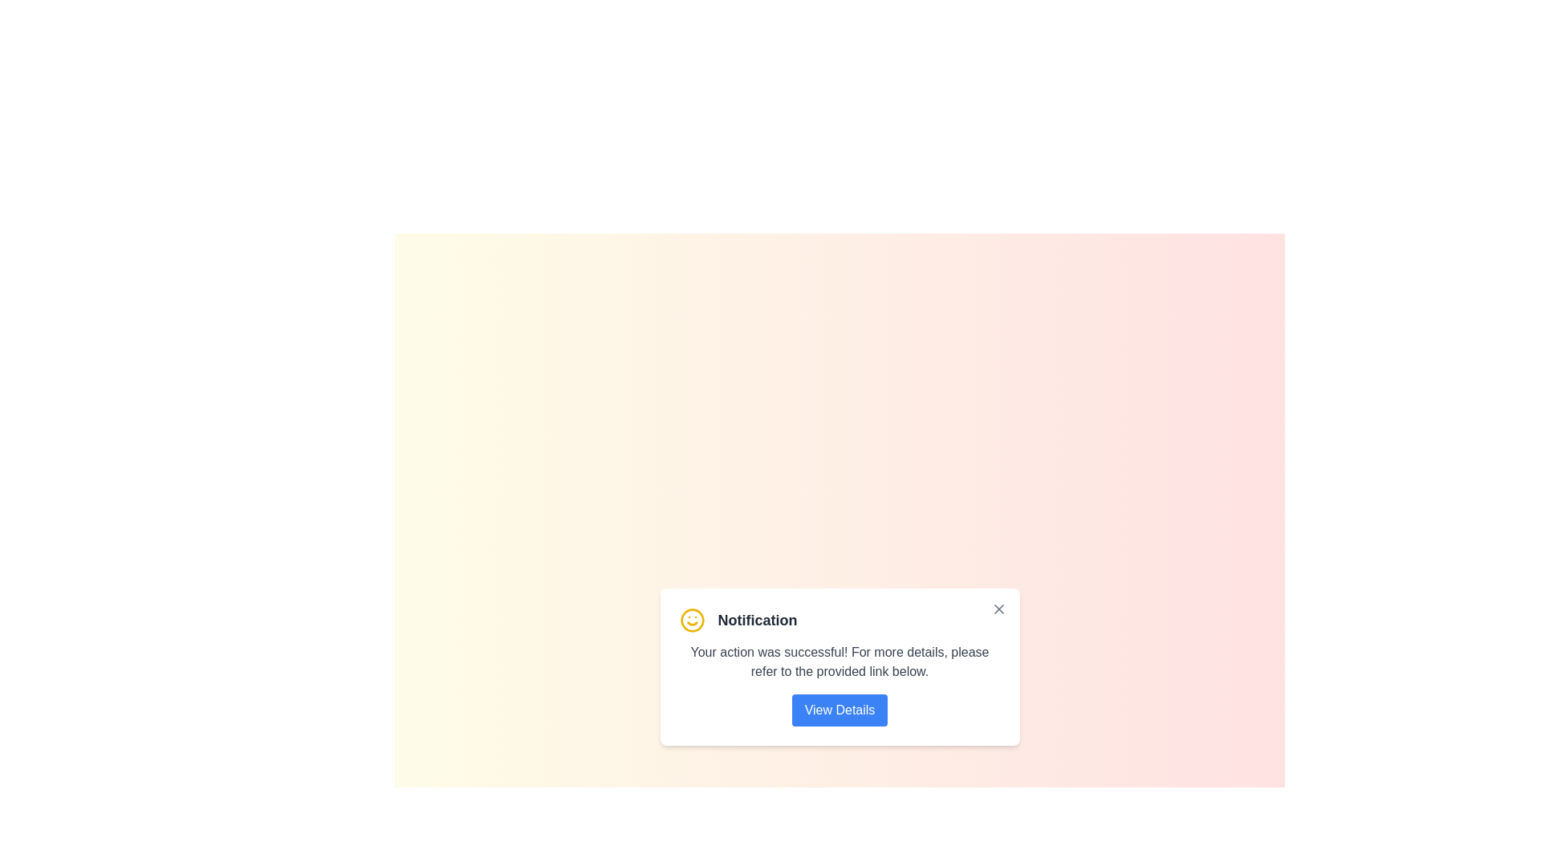 This screenshot has width=1541, height=867. What do you see at coordinates (839, 709) in the screenshot?
I see `the 'View Details' button to navigate to the details page` at bounding box center [839, 709].